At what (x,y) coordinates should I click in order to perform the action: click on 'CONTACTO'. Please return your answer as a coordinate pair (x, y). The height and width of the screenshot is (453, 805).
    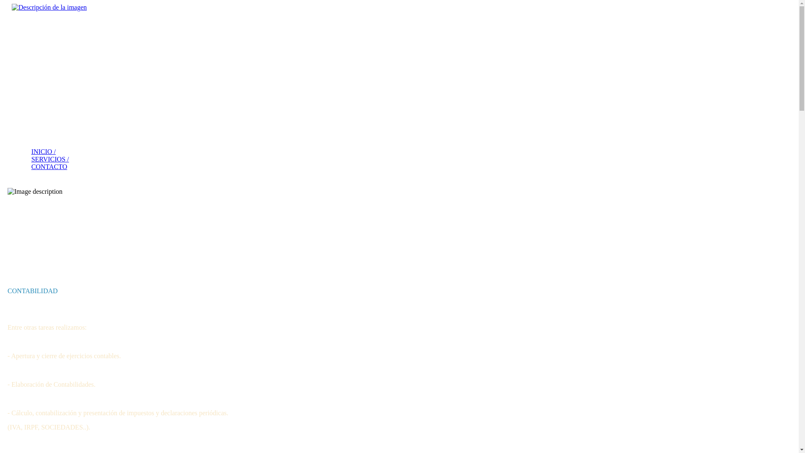
    Looking at the image, I should click on (49, 167).